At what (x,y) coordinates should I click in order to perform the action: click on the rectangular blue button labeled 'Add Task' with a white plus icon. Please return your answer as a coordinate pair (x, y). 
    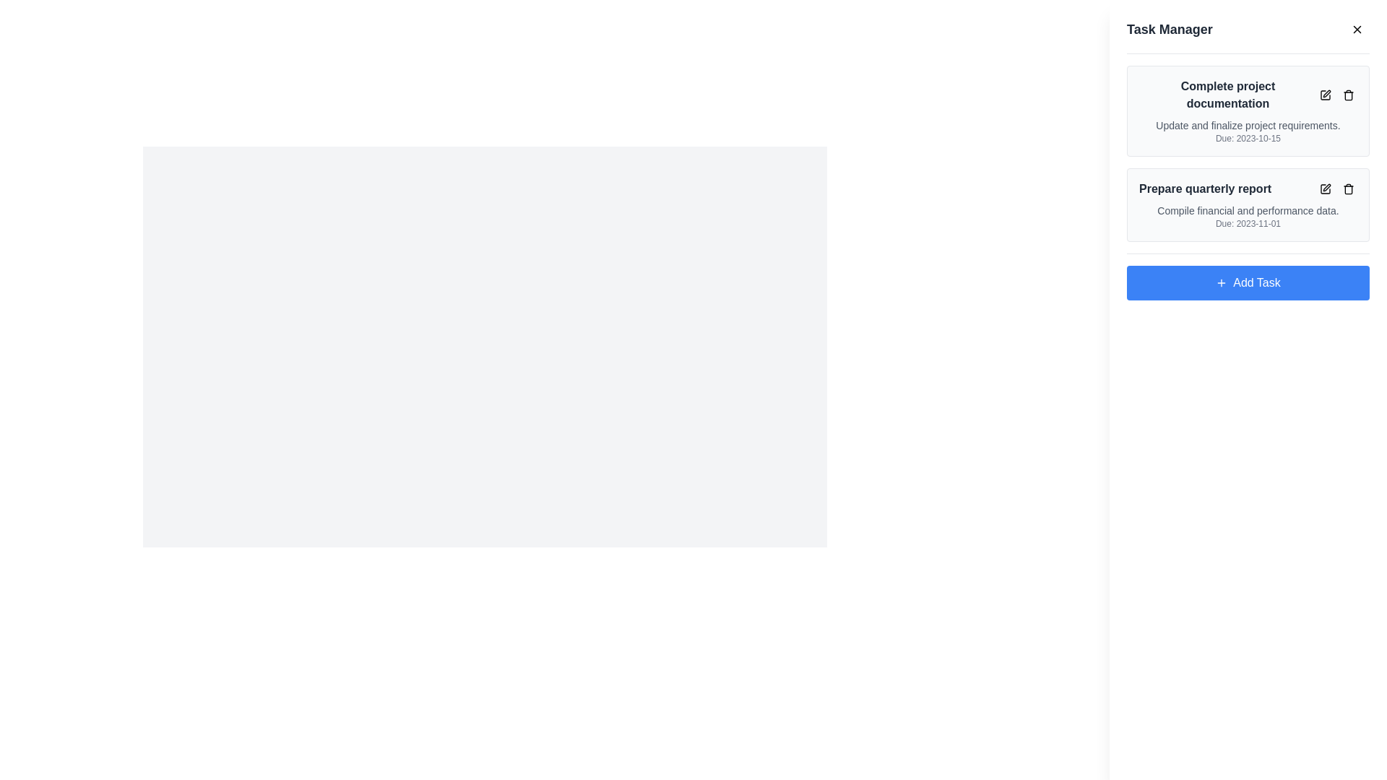
    Looking at the image, I should click on (1248, 283).